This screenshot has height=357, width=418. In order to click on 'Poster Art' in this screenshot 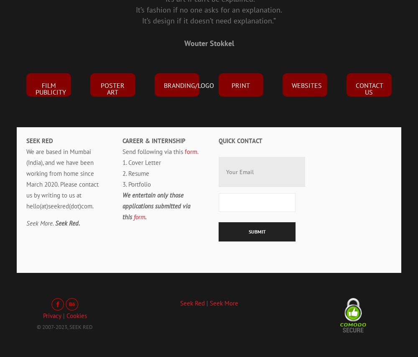, I will do `click(112, 88)`.